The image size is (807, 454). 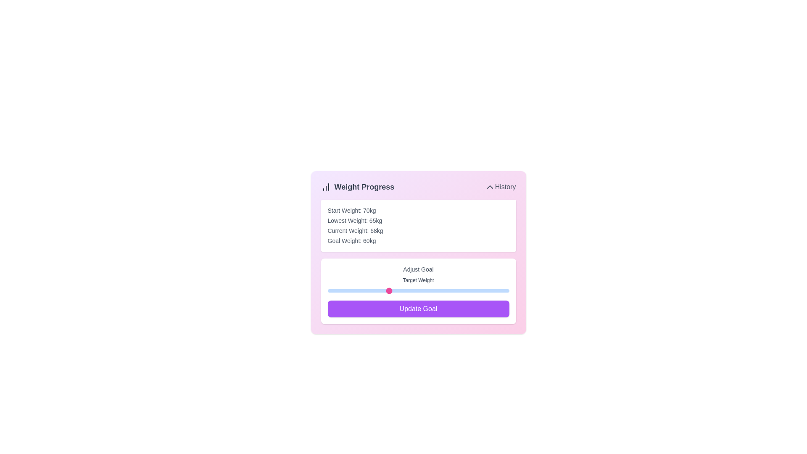 What do you see at coordinates (358, 290) in the screenshot?
I see `the goal weight slider to 55 kg` at bounding box center [358, 290].